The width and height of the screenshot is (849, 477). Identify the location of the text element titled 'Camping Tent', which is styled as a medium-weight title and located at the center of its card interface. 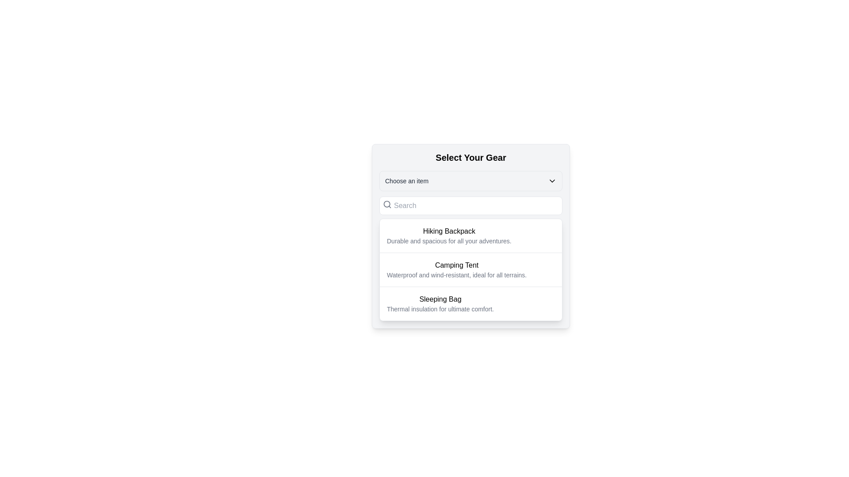
(457, 265).